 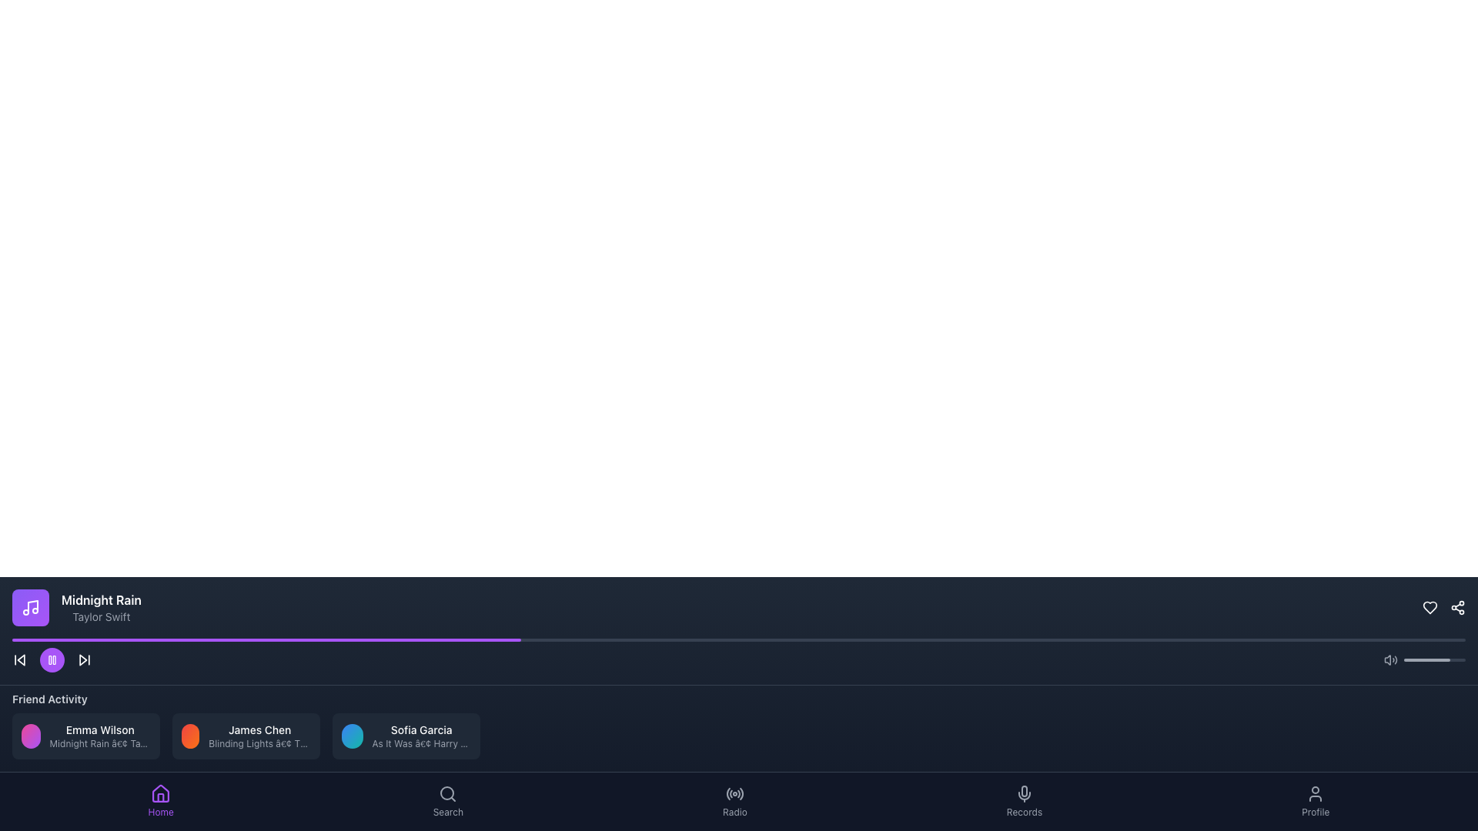 I want to click on the progress bar of the media control to change the playback position, so click(x=739, y=656).